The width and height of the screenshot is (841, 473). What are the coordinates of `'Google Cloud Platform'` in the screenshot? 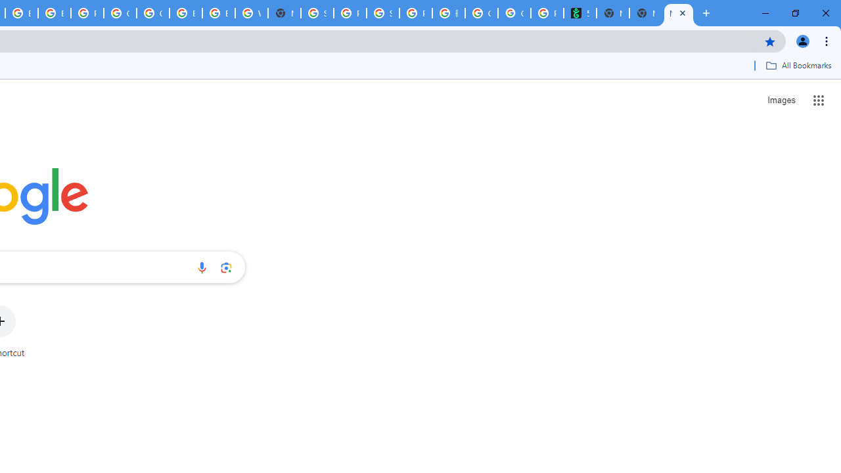 It's located at (120, 13).